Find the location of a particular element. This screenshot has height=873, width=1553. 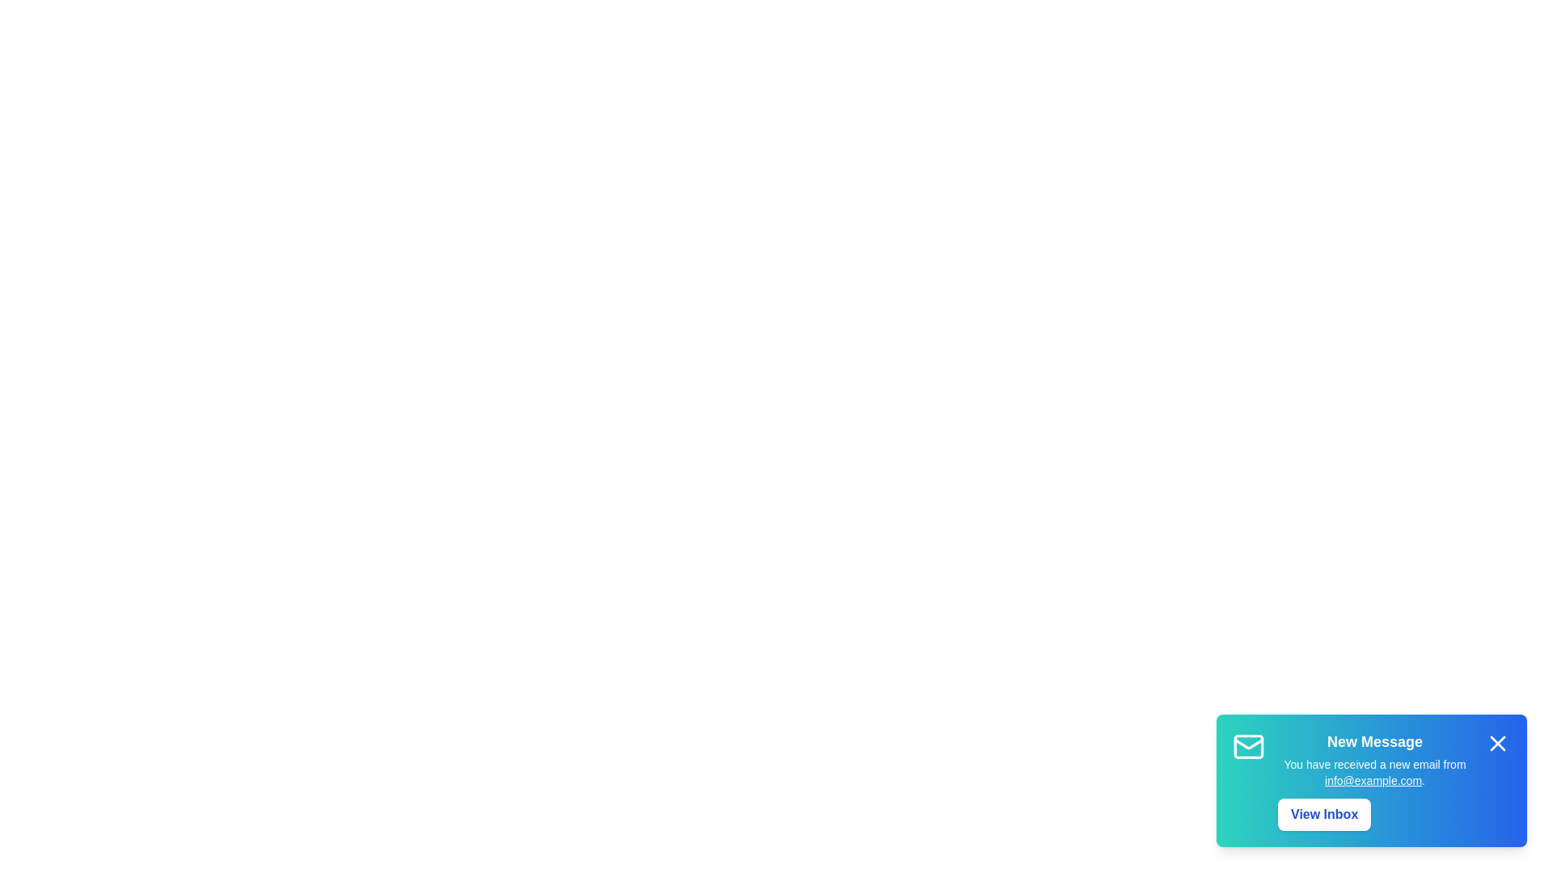

the text content 'New MessageYou have received a new email from info@example.com.View Inbox' and copy it to the clipboard is located at coordinates (1276, 730).